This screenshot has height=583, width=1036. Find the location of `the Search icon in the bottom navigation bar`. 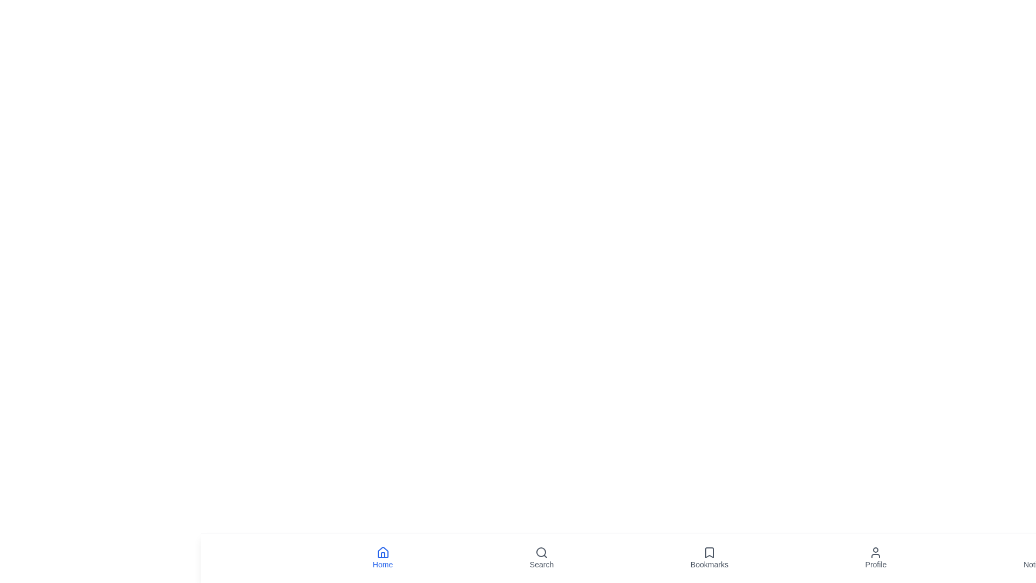

the Search icon in the bottom navigation bar is located at coordinates (541, 558).